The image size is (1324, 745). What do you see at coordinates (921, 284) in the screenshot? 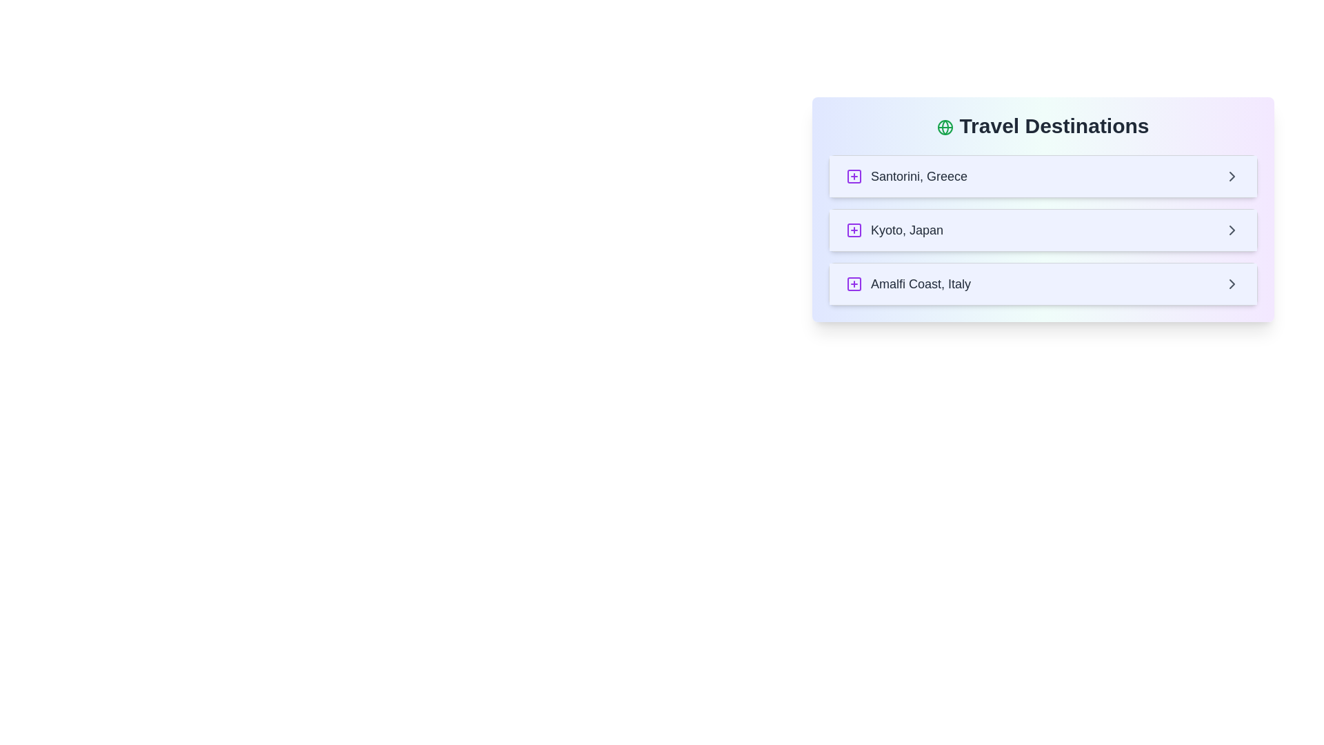
I see `the travel destination label, which is the third entry in a vertically-aligned list, positioned between a '+' icon on the left and a navigation arrow on the right` at bounding box center [921, 284].